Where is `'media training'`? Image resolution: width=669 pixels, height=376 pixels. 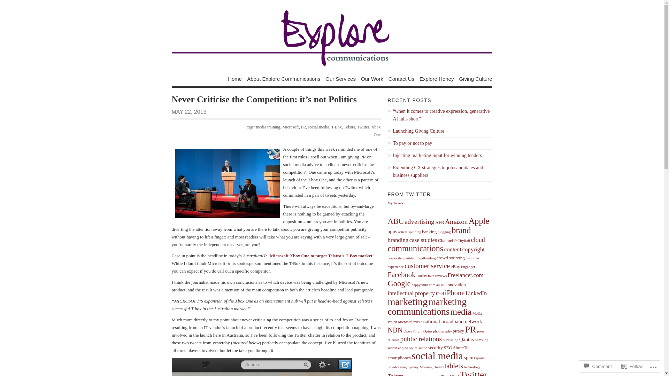 'media training' is located at coordinates (255, 127).